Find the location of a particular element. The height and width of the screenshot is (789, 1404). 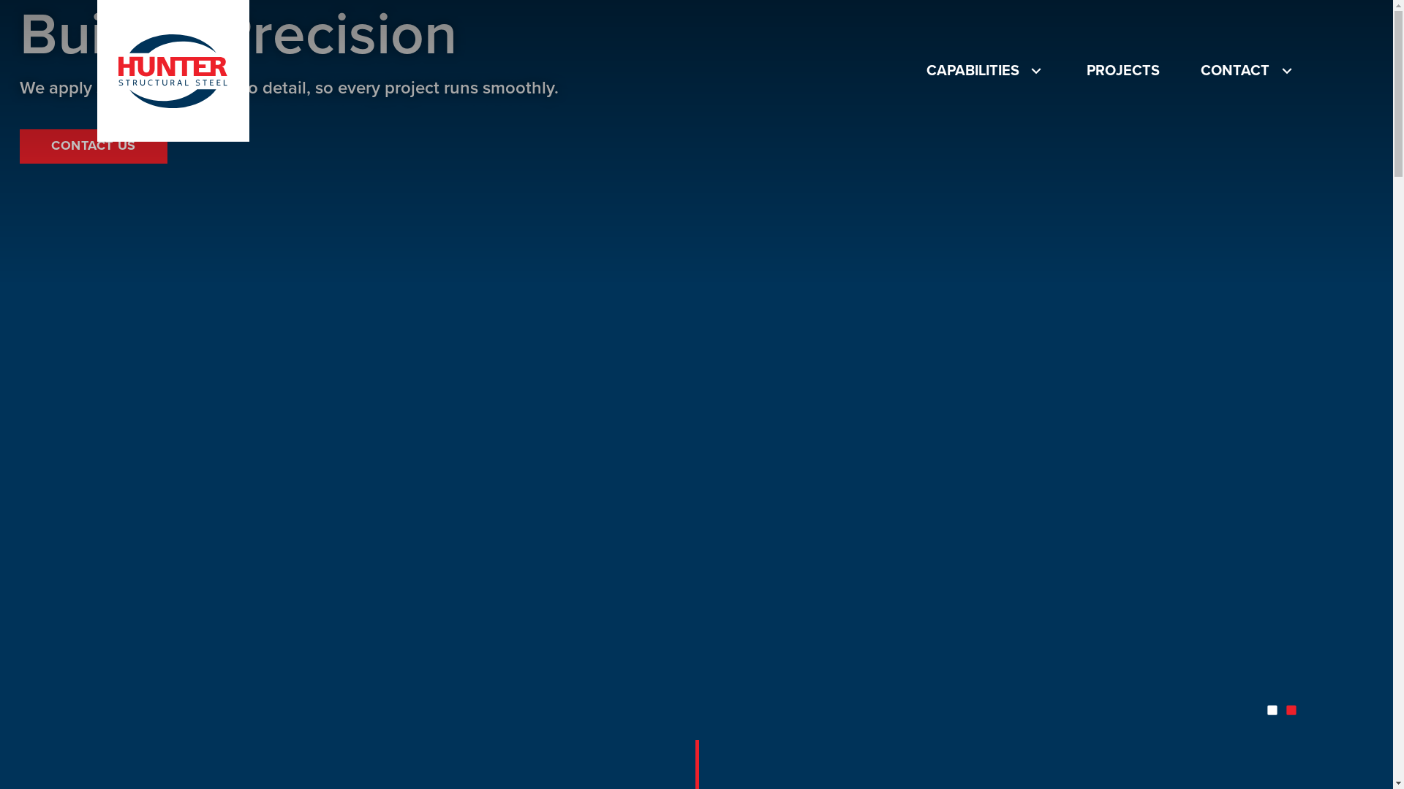

'CONTACT' is located at coordinates (1248, 70).